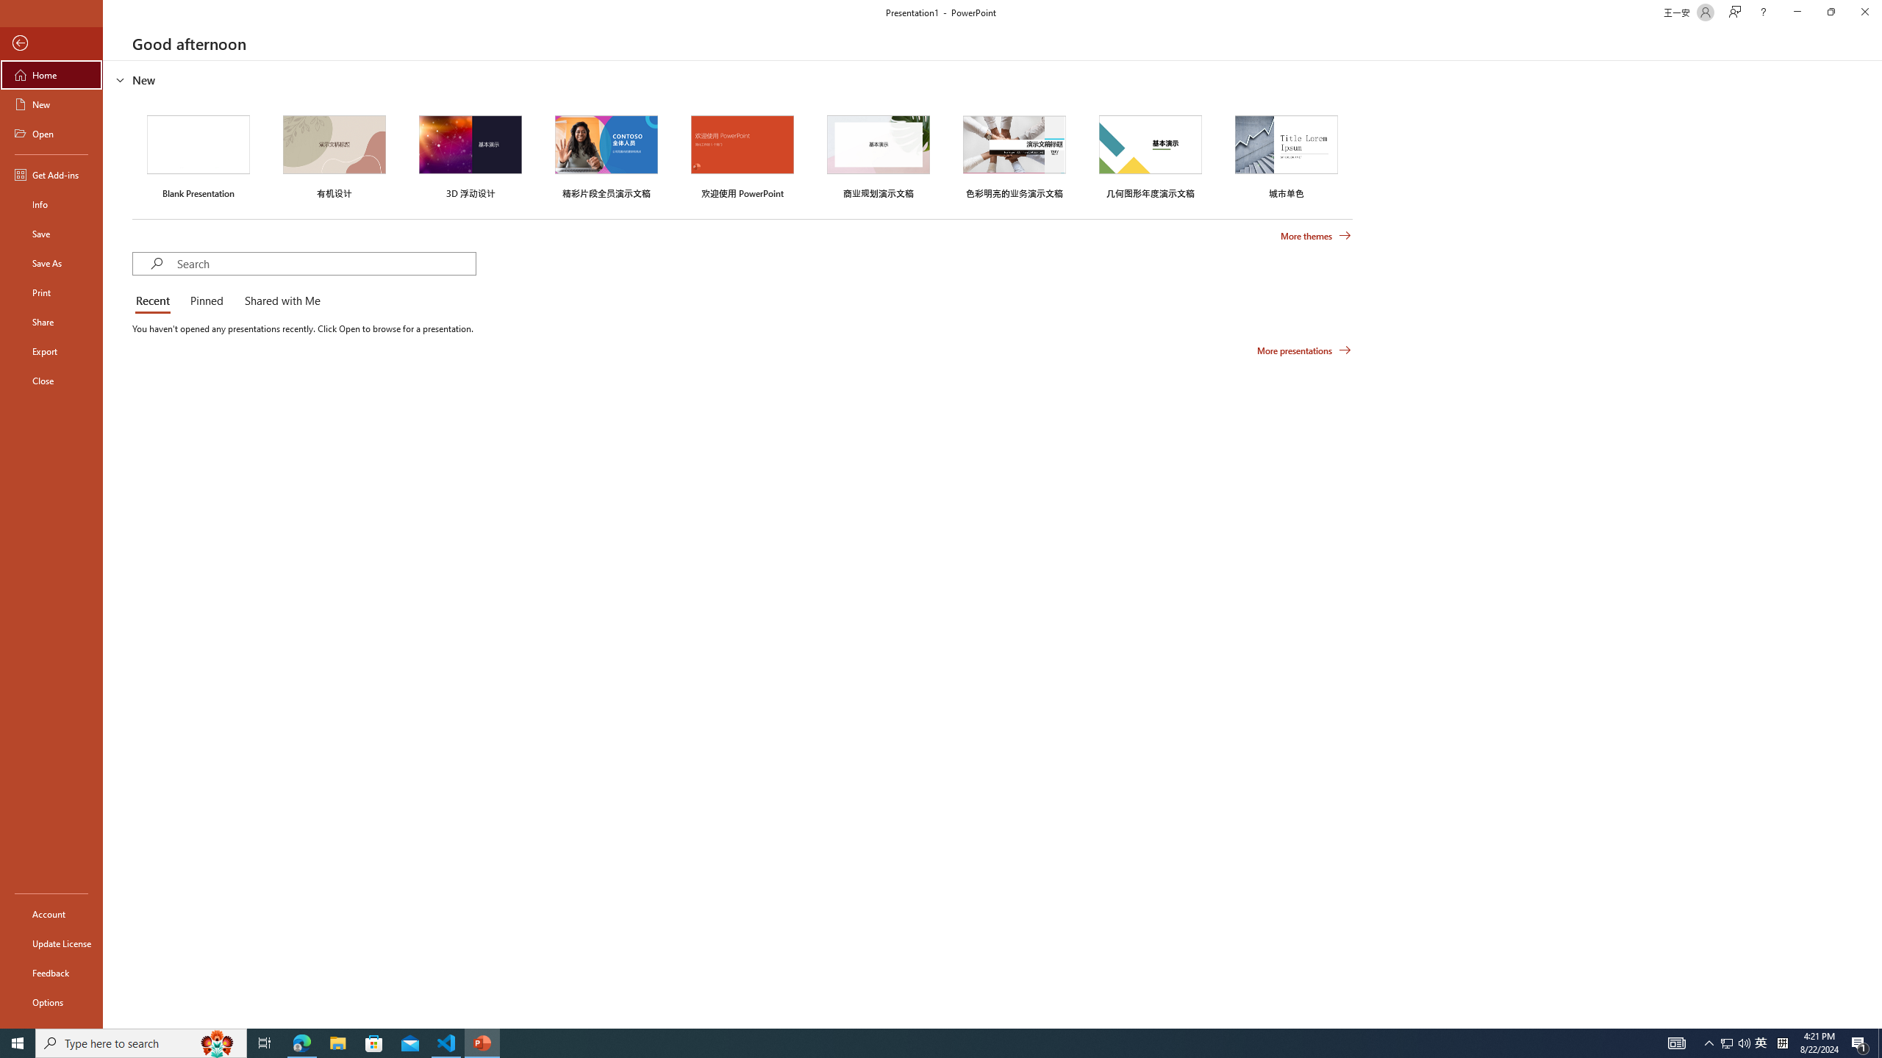 The width and height of the screenshot is (1882, 1058). What do you see at coordinates (51, 262) in the screenshot?
I see `'Save As'` at bounding box center [51, 262].